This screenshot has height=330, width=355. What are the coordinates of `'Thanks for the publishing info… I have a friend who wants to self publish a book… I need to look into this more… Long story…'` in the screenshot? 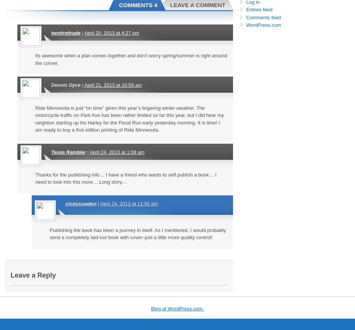 It's located at (126, 178).